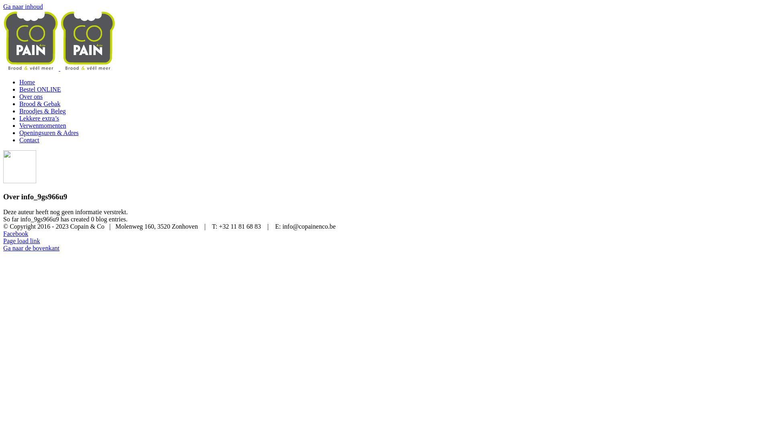 The height and width of the screenshot is (434, 772). What do you see at coordinates (29, 139) in the screenshot?
I see `'Contact'` at bounding box center [29, 139].